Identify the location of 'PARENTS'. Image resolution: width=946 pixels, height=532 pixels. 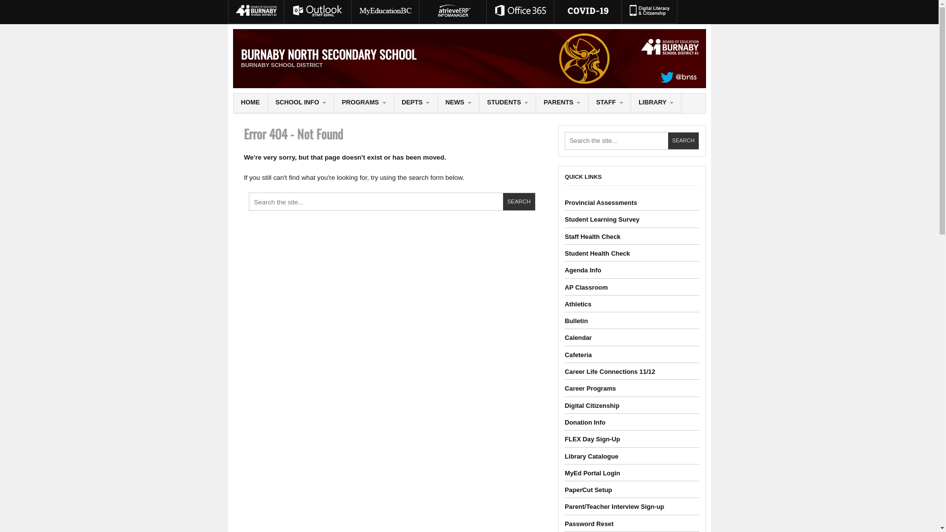
(562, 103).